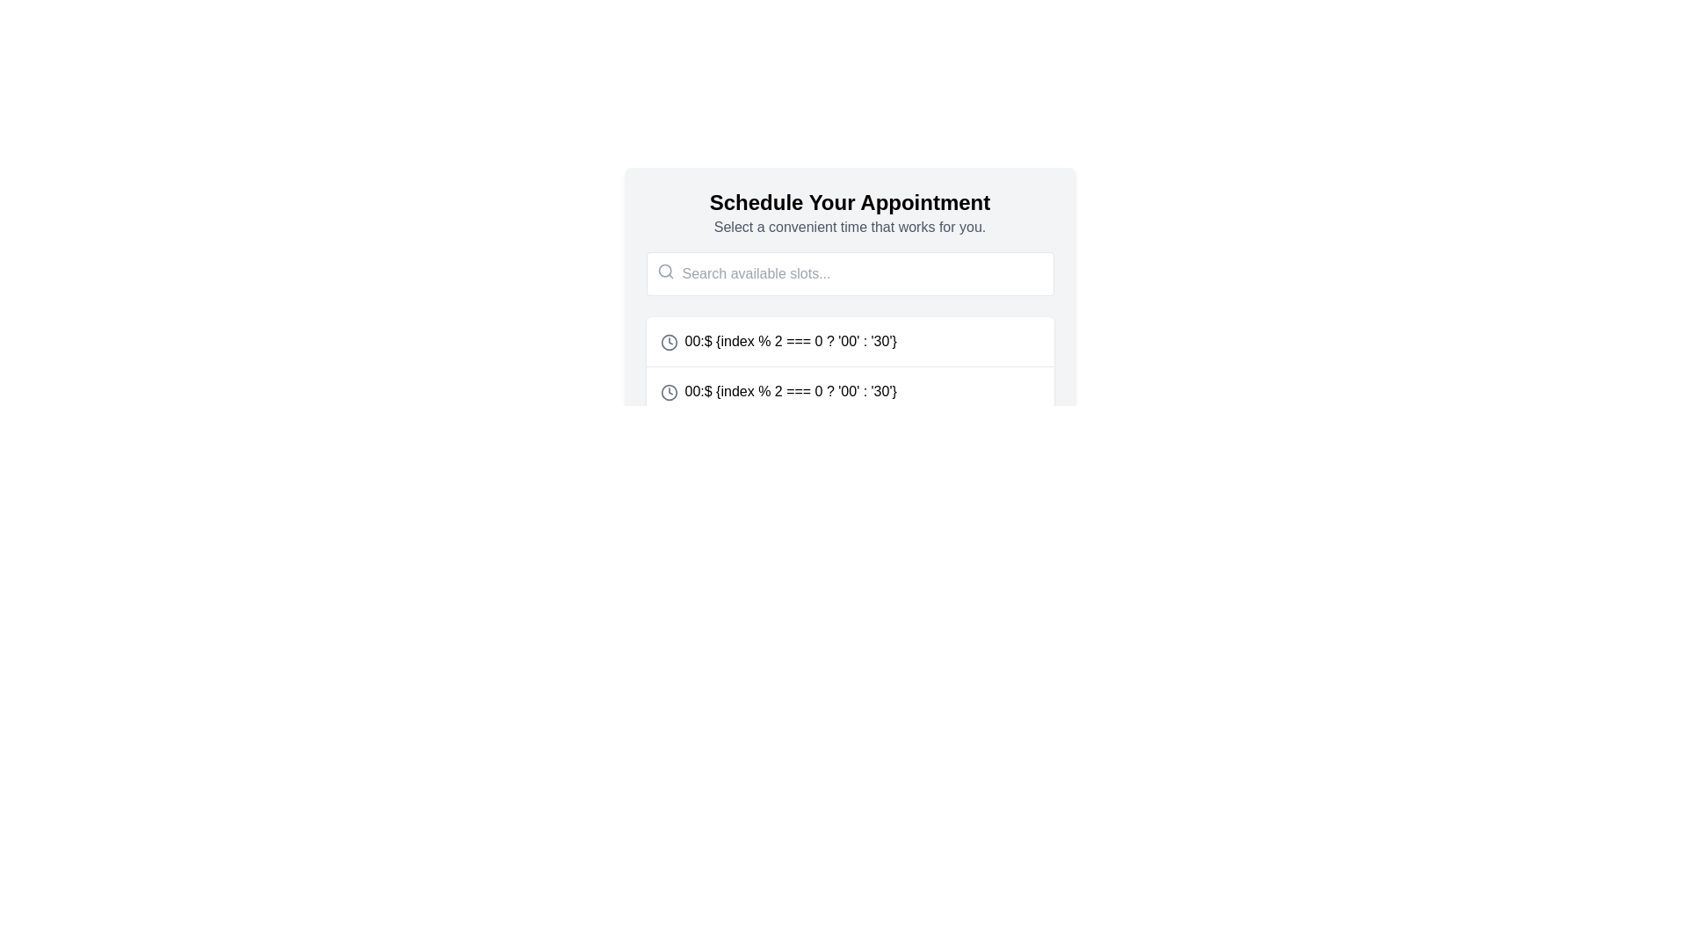  Describe the element at coordinates (664, 271) in the screenshot. I see `the small magnifying glass icon, styled in light gray, located in the left margin of the text input field labeled 'Search available slots...'` at that location.